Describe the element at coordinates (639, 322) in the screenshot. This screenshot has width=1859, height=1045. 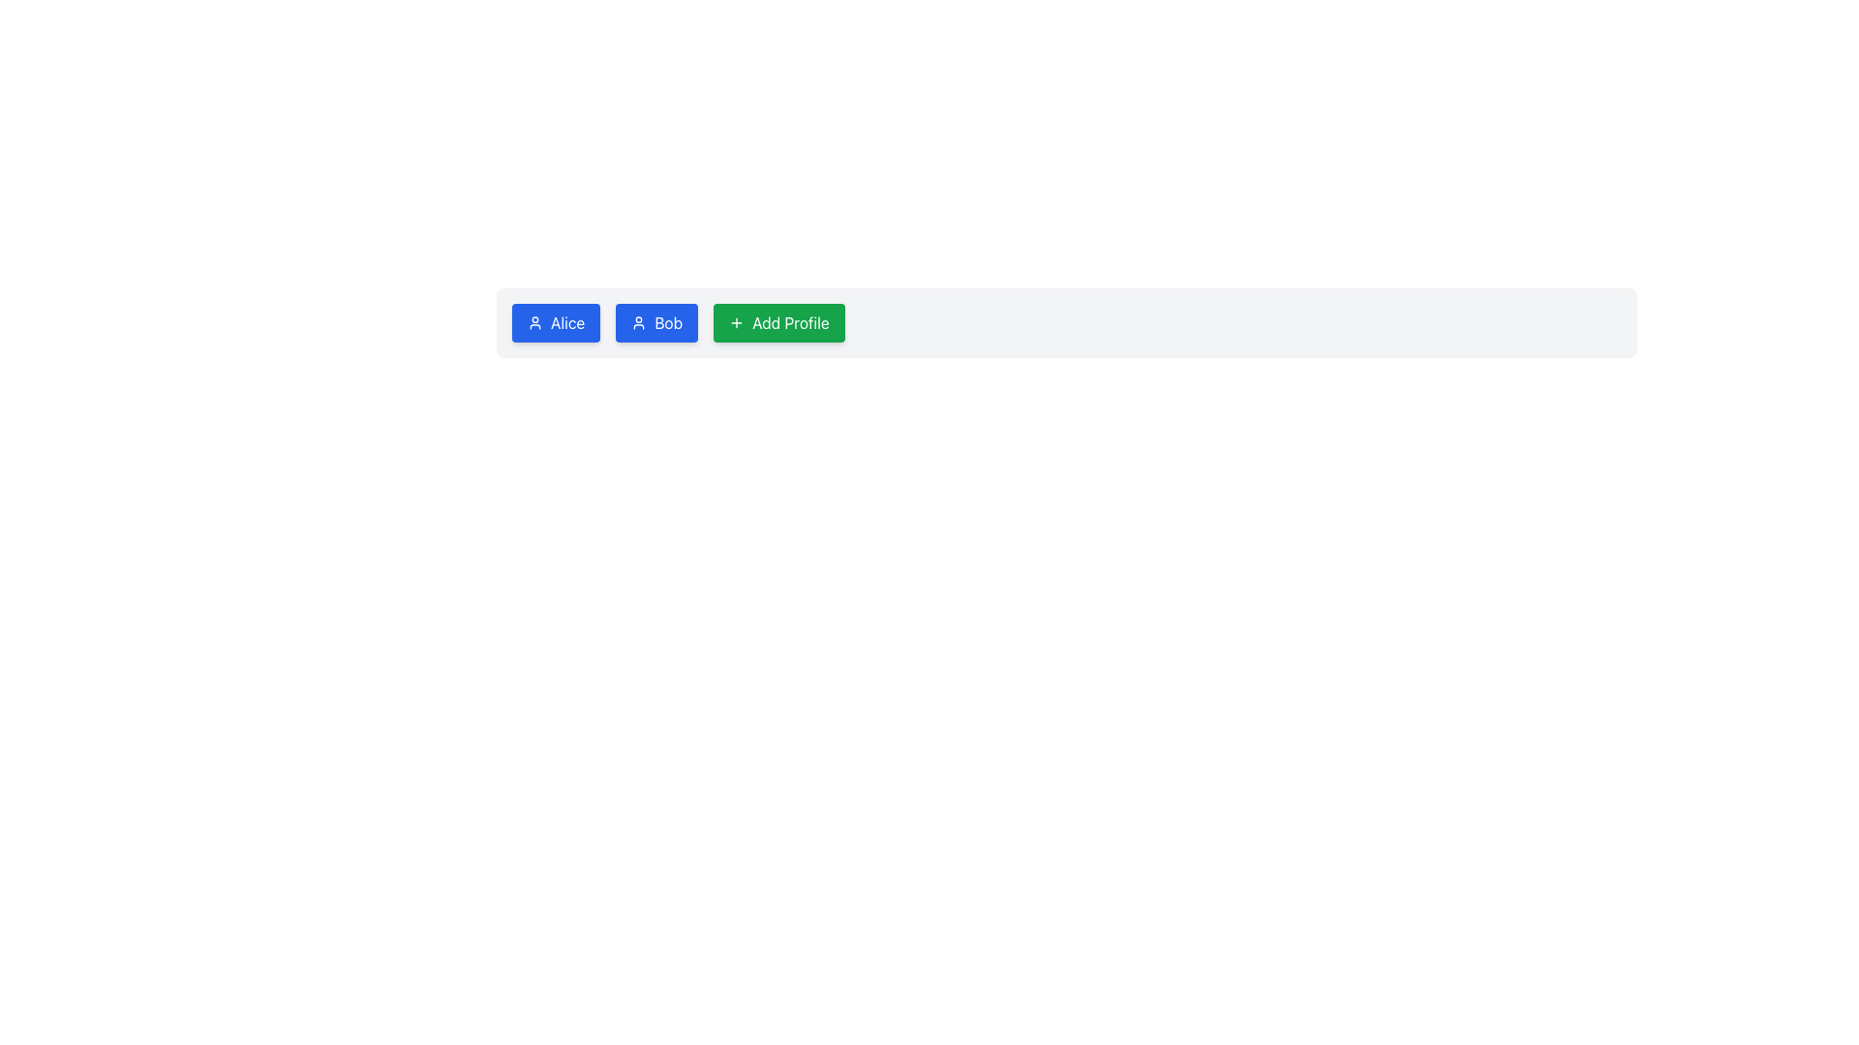
I see `the icon representing the button labeled 'Bob', which visually denotes its purpose in relation to 'Bob'` at that location.